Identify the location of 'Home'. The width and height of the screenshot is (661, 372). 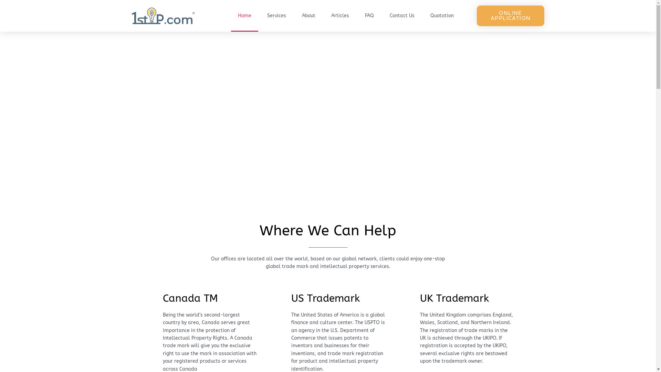
(244, 15).